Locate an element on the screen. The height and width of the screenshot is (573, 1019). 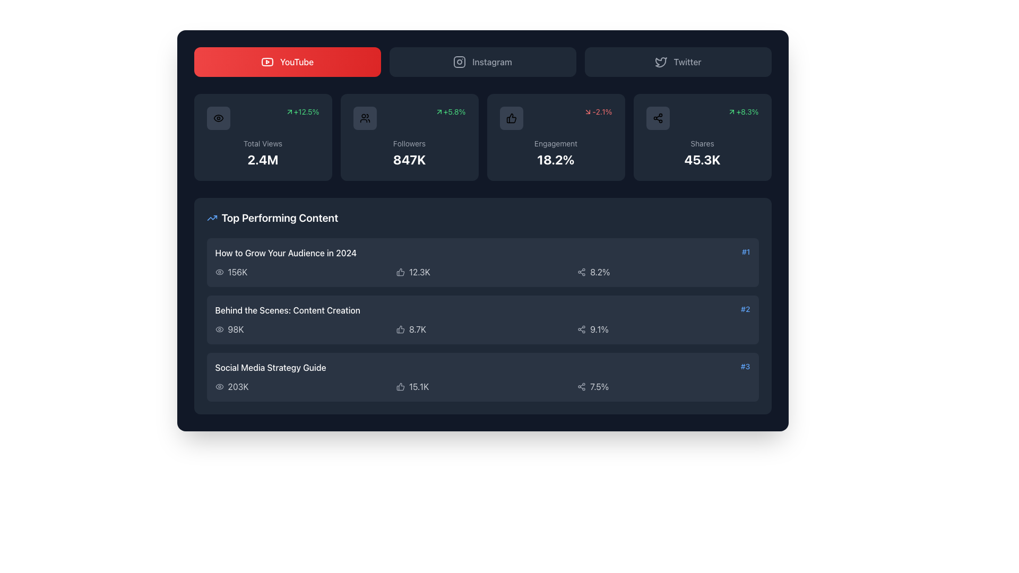
arrow icon pointing diagonally upwards to the right, which is located to the left of the '+5.8%' text in the 'Followers' card is located at coordinates (439, 112).